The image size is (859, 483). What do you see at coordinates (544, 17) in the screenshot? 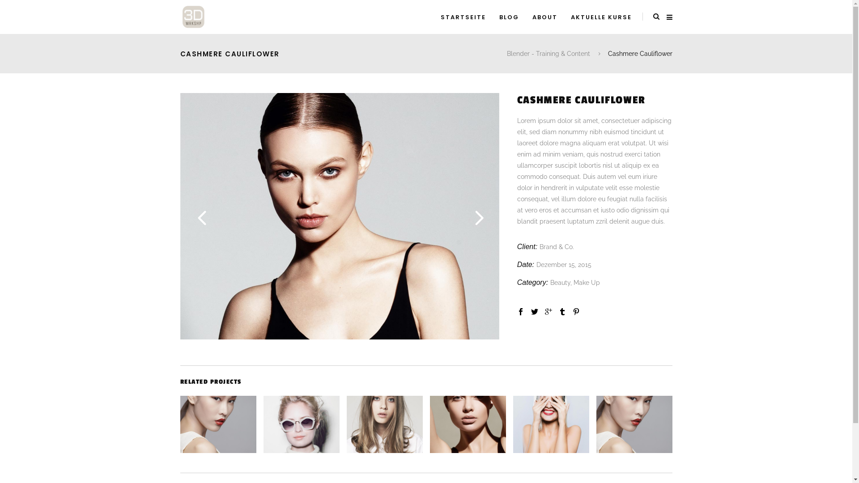
I see `'ABOUT'` at bounding box center [544, 17].